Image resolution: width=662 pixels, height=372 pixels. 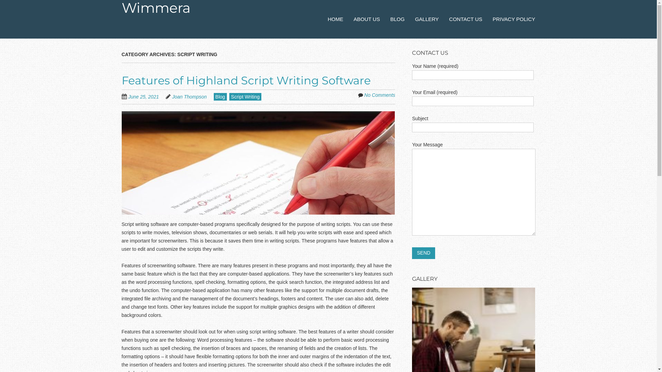 What do you see at coordinates (220, 97) in the screenshot?
I see `'Blog'` at bounding box center [220, 97].